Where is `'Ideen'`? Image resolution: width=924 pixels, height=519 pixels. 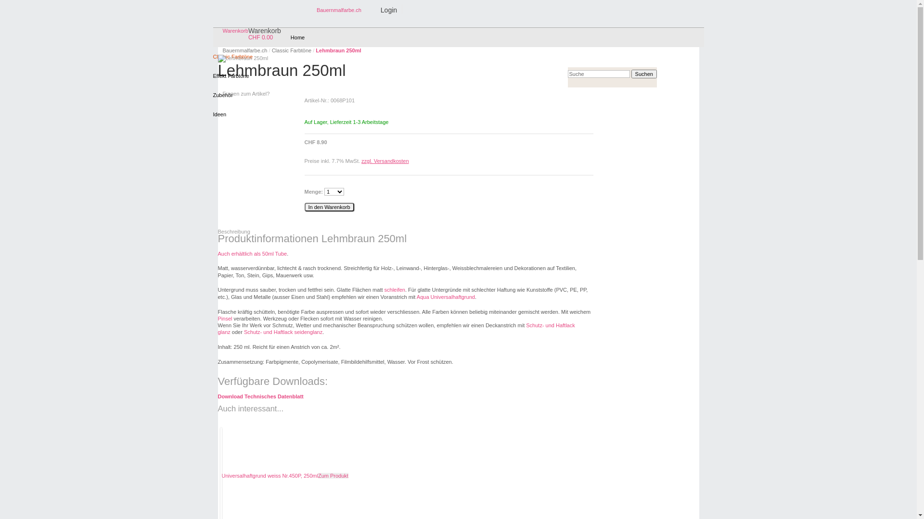
'Ideen' is located at coordinates (219, 114).